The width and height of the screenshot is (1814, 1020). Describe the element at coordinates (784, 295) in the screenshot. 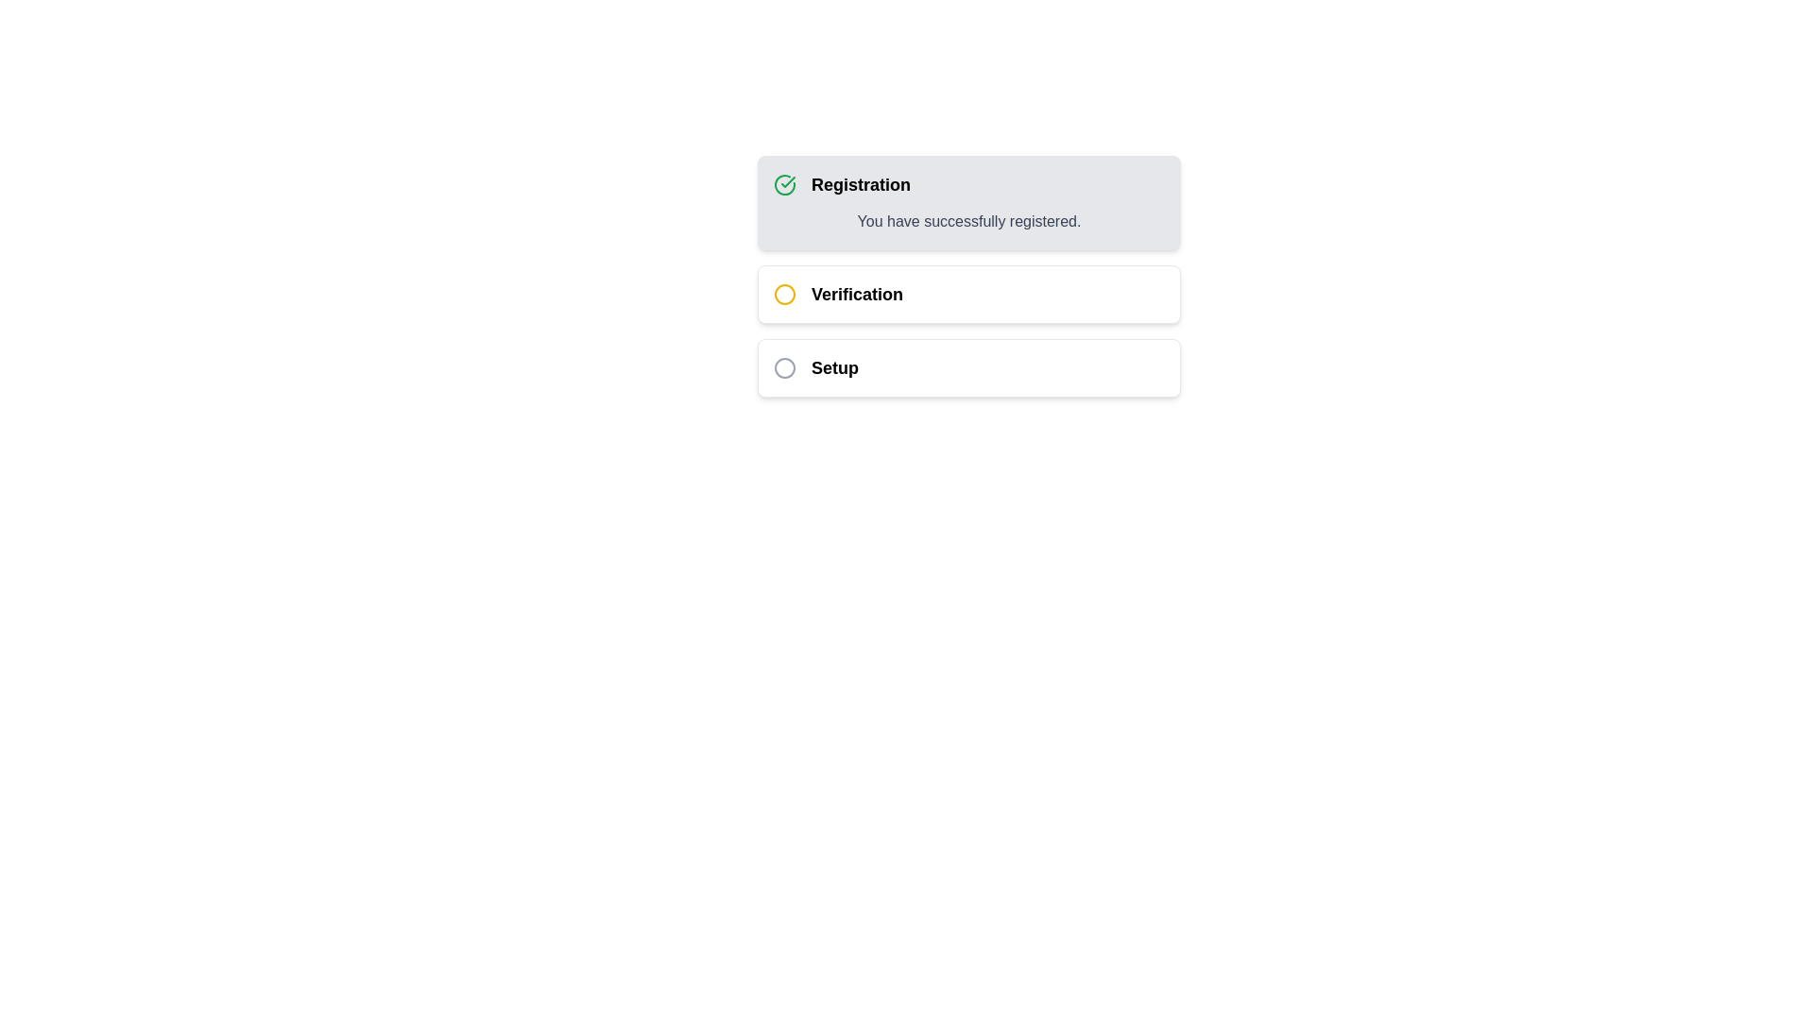

I see `the circular icon representing the 'Verification' step in the vertical step layout to indicate the step's status` at that location.